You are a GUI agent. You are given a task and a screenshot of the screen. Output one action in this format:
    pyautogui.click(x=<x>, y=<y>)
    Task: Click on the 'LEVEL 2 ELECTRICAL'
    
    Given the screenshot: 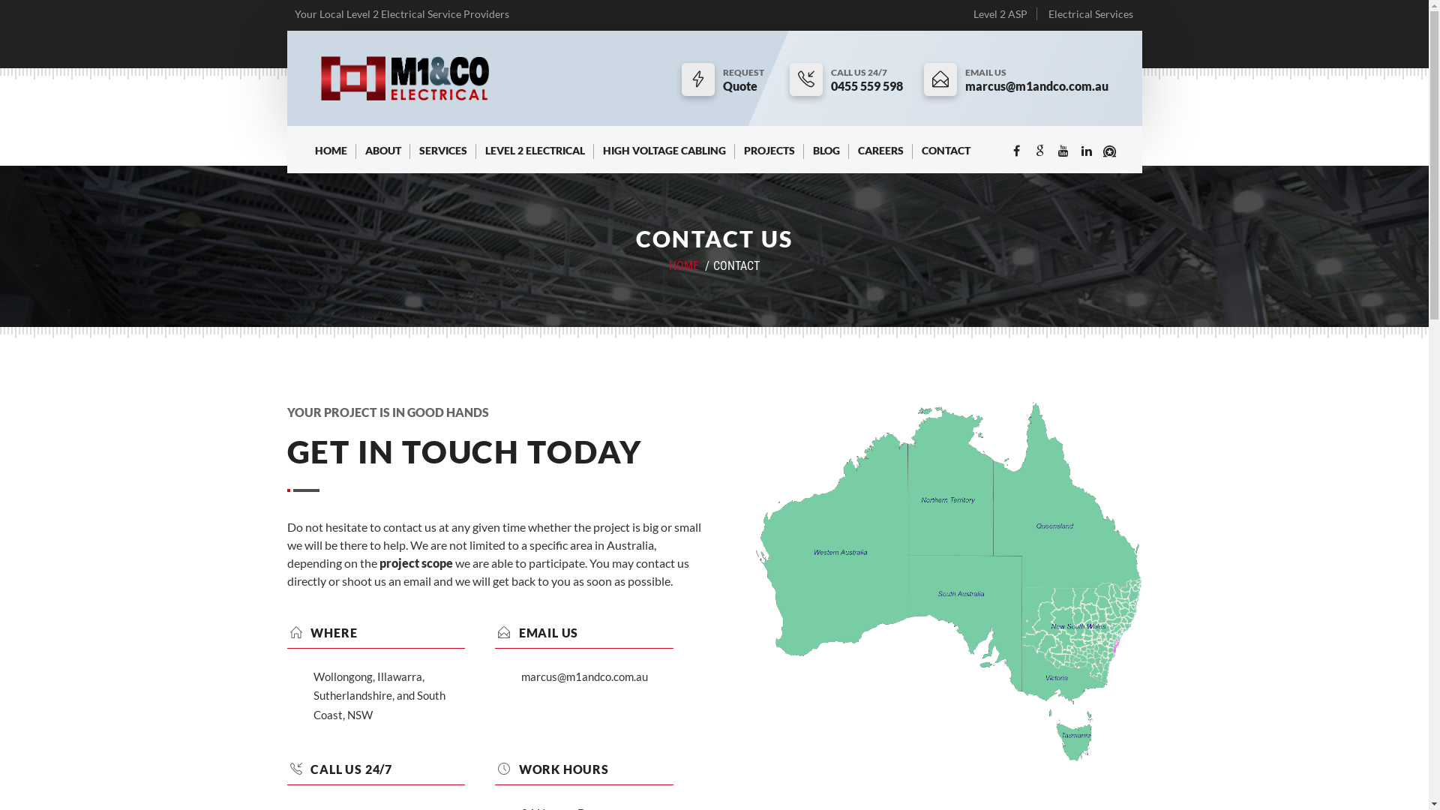 What is the action you would take?
    pyautogui.click(x=534, y=157)
    